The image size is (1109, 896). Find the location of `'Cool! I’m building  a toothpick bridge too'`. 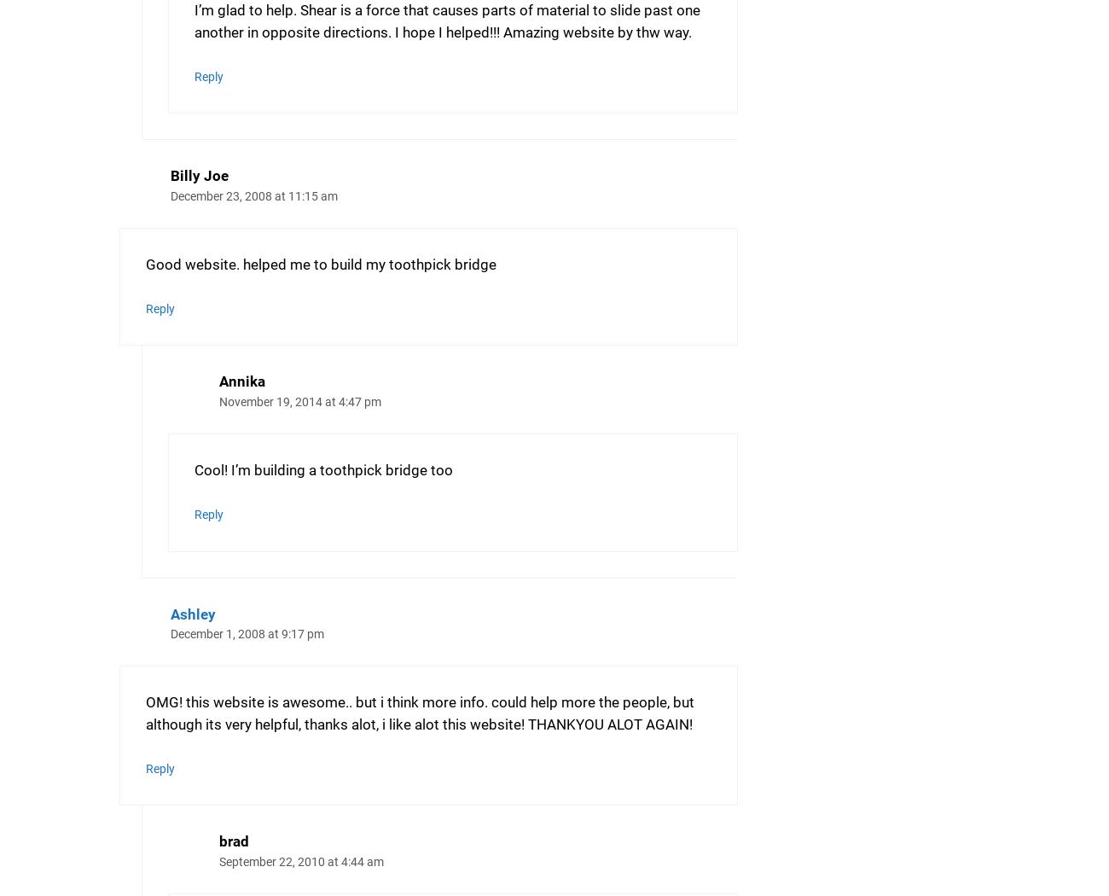

'Cool! I’m building  a toothpick bridge too' is located at coordinates (322, 470).